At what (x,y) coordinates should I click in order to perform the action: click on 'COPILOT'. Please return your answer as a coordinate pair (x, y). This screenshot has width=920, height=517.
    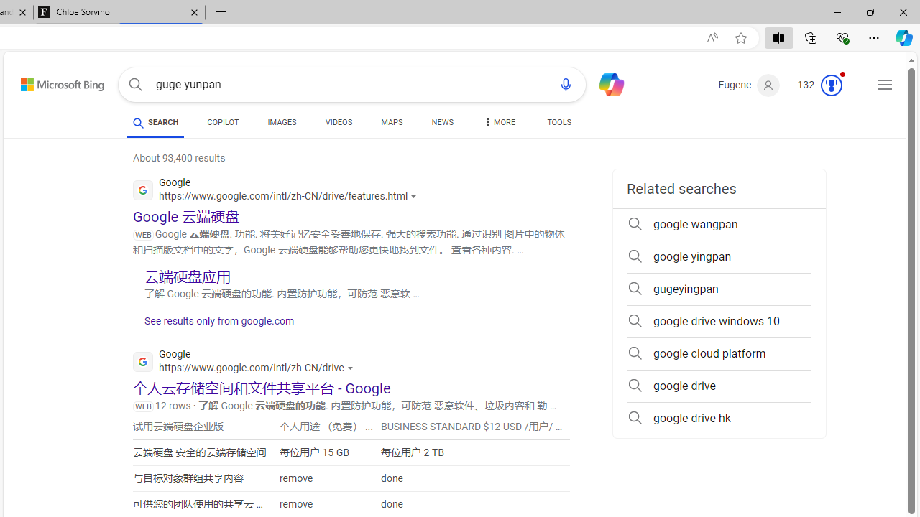
    Looking at the image, I should click on (222, 124).